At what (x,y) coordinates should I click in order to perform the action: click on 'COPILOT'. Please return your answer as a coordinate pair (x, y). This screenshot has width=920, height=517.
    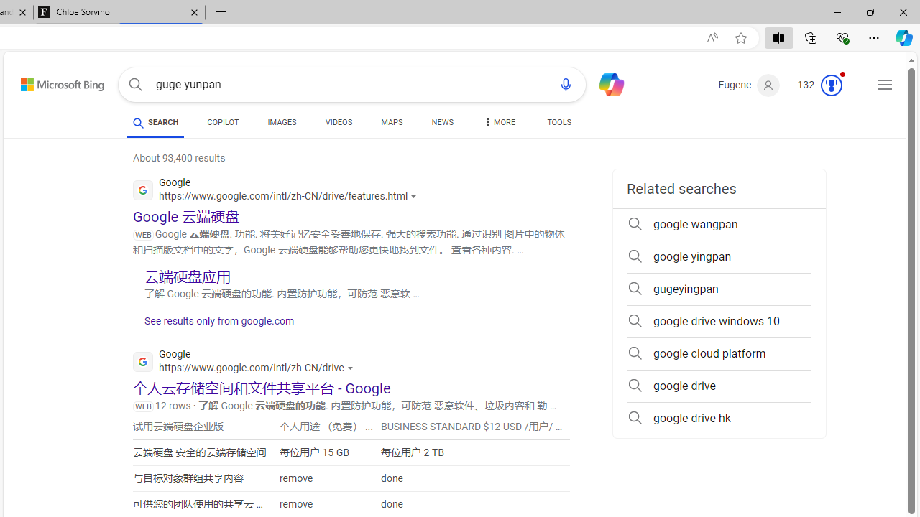
    Looking at the image, I should click on (222, 124).